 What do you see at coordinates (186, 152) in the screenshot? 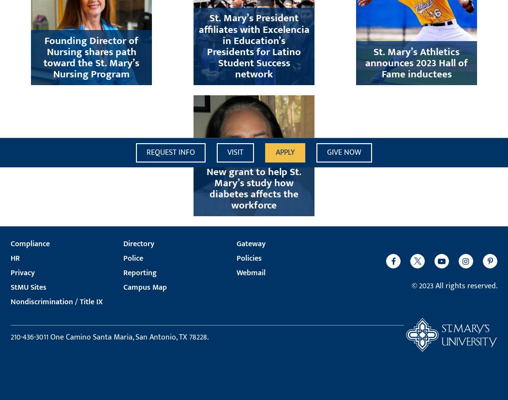
I see `'Info'` at bounding box center [186, 152].